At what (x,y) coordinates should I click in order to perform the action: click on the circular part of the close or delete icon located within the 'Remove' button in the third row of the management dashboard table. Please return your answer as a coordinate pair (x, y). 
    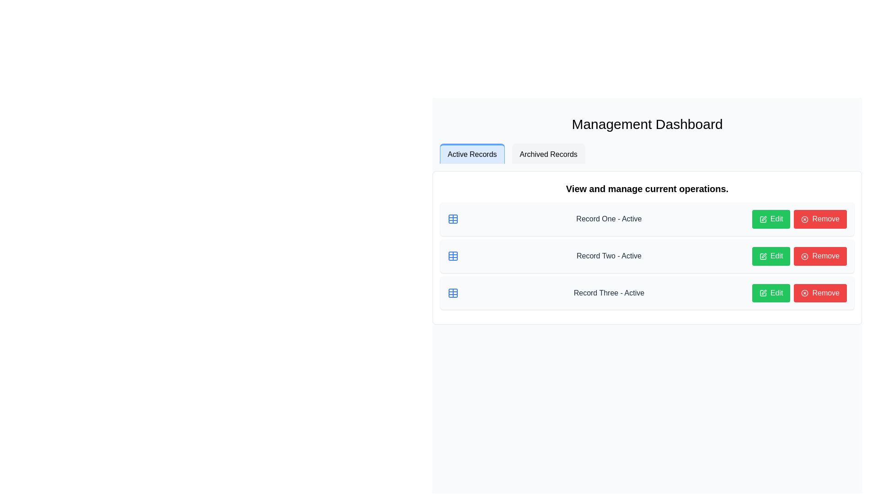
    Looking at the image, I should click on (805, 219).